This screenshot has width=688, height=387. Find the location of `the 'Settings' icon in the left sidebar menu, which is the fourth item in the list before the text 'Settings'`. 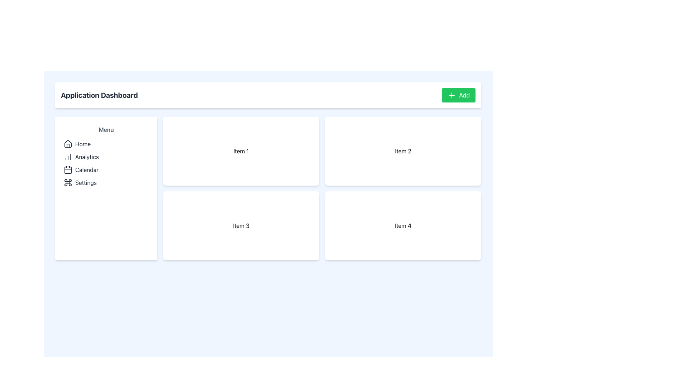

the 'Settings' icon in the left sidebar menu, which is the fourth item in the list before the text 'Settings' is located at coordinates (68, 182).